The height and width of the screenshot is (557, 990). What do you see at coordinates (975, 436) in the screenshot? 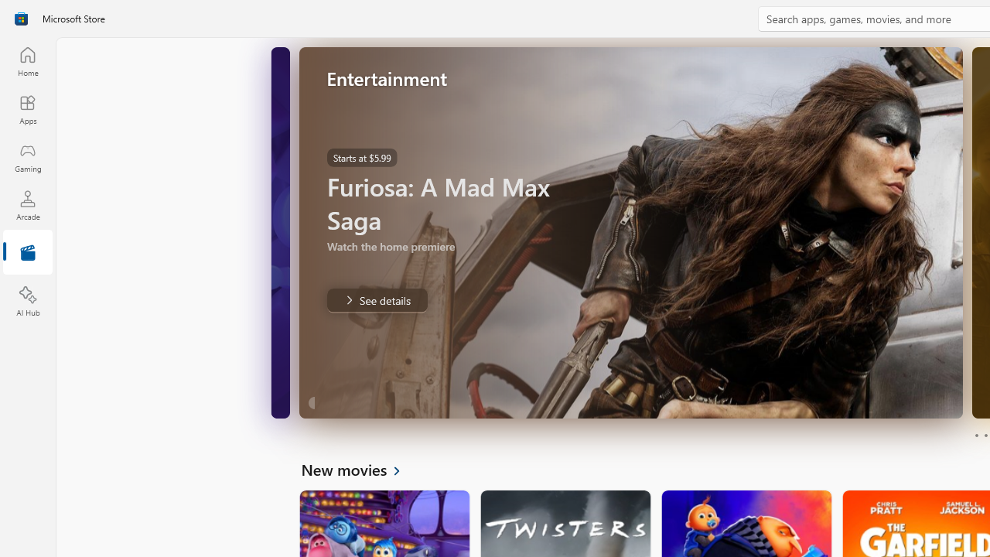
I see `'Page 1'` at bounding box center [975, 436].